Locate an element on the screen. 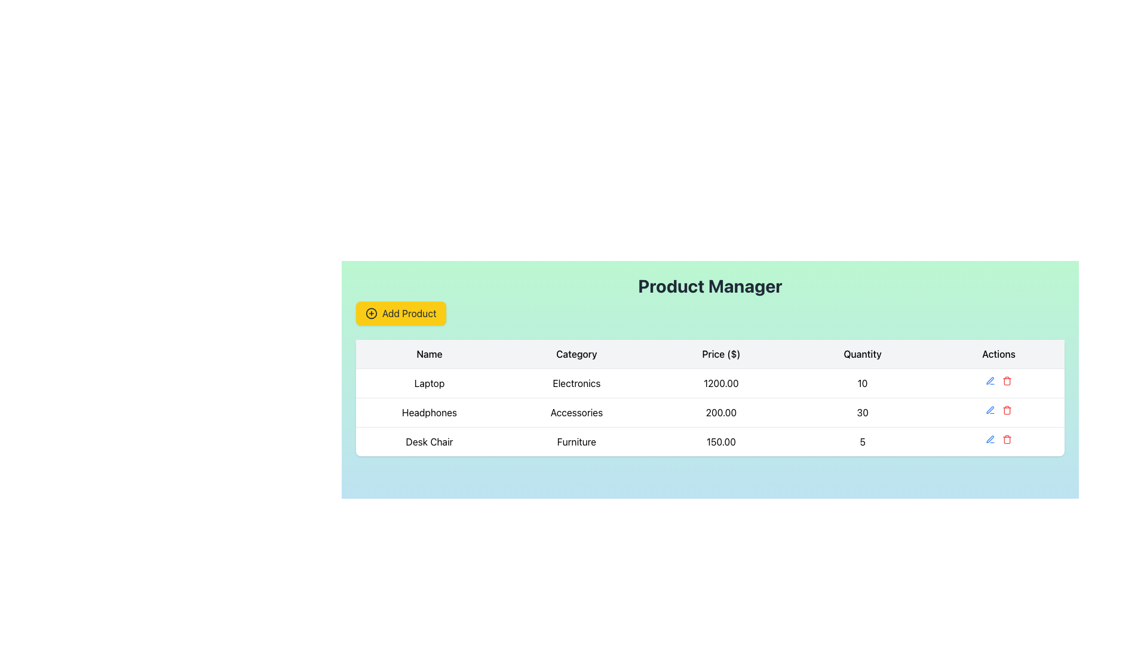 This screenshot has height=645, width=1147. the trash can icon in the third column of the table under the 'Actions' heading in the last row to initiate a delete action is located at coordinates (1007, 382).